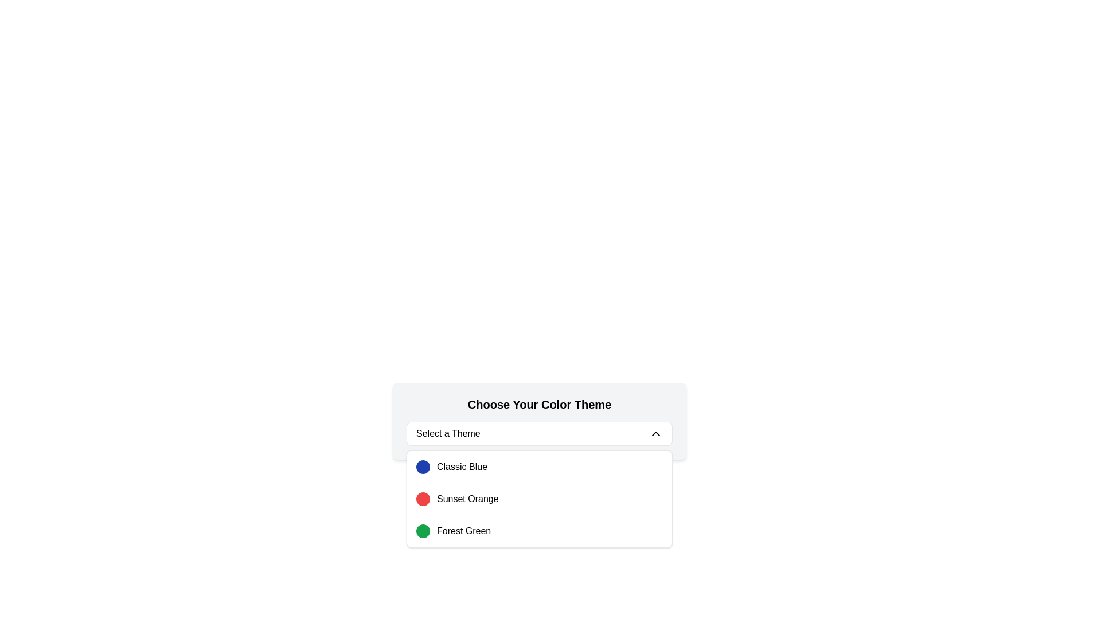 This screenshot has height=619, width=1101. Describe the element at coordinates (456, 499) in the screenshot. I see `the second option in the dropdown menu that serves as a label for a selectable theme color option, located between 'Classic Blue' and 'Forest Green'` at that location.